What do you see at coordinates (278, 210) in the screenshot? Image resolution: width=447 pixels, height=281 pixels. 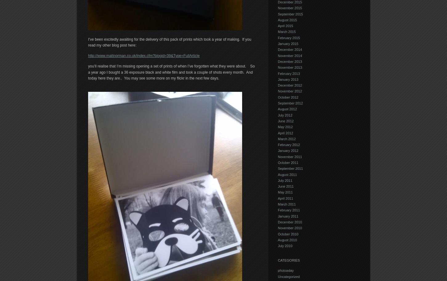 I see `'February 2011'` at bounding box center [278, 210].